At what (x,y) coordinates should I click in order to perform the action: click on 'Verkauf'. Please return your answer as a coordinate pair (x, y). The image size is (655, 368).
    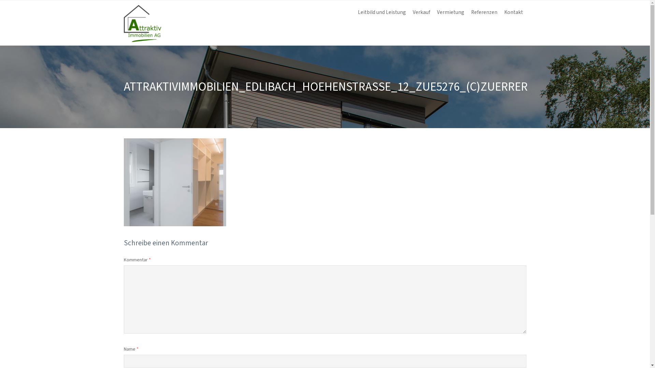
    Looking at the image, I should click on (421, 13).